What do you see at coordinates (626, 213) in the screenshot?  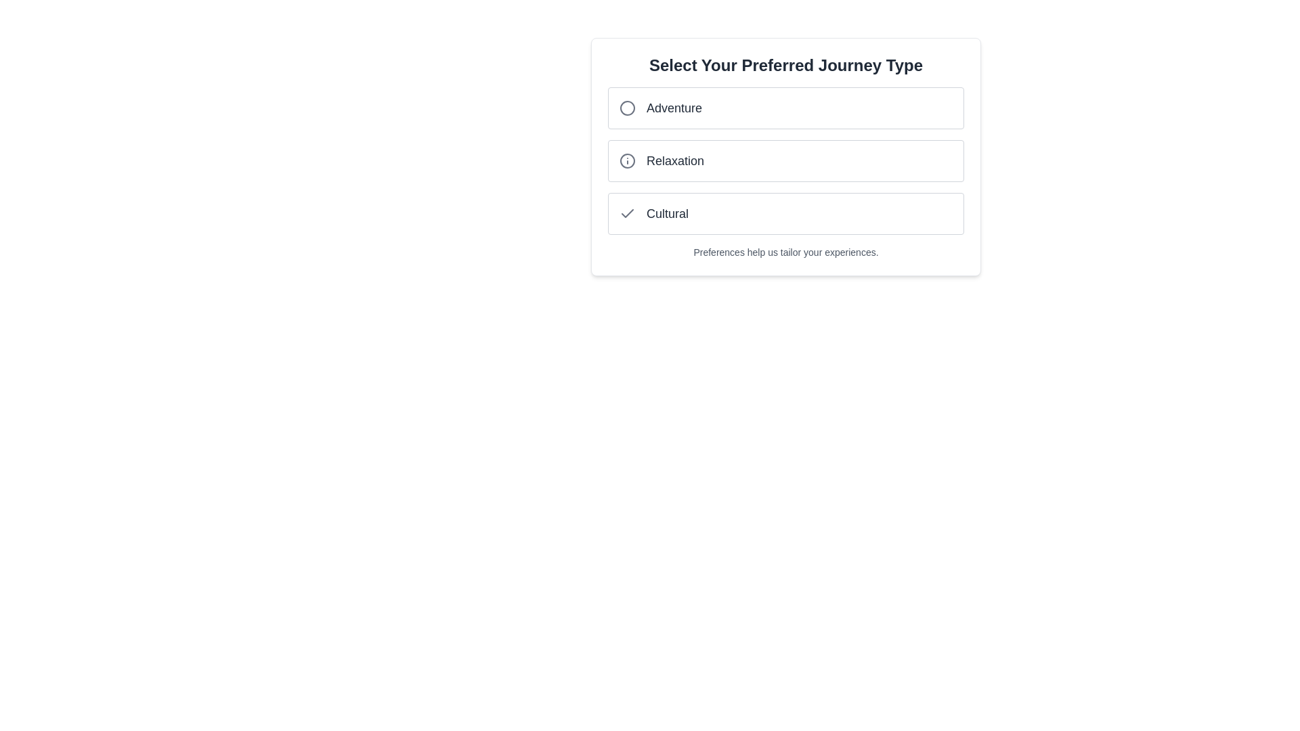 I see `the checkmark icon within the 'Cultural' option in the user preference selection menu` at bounding box center [626, 213].